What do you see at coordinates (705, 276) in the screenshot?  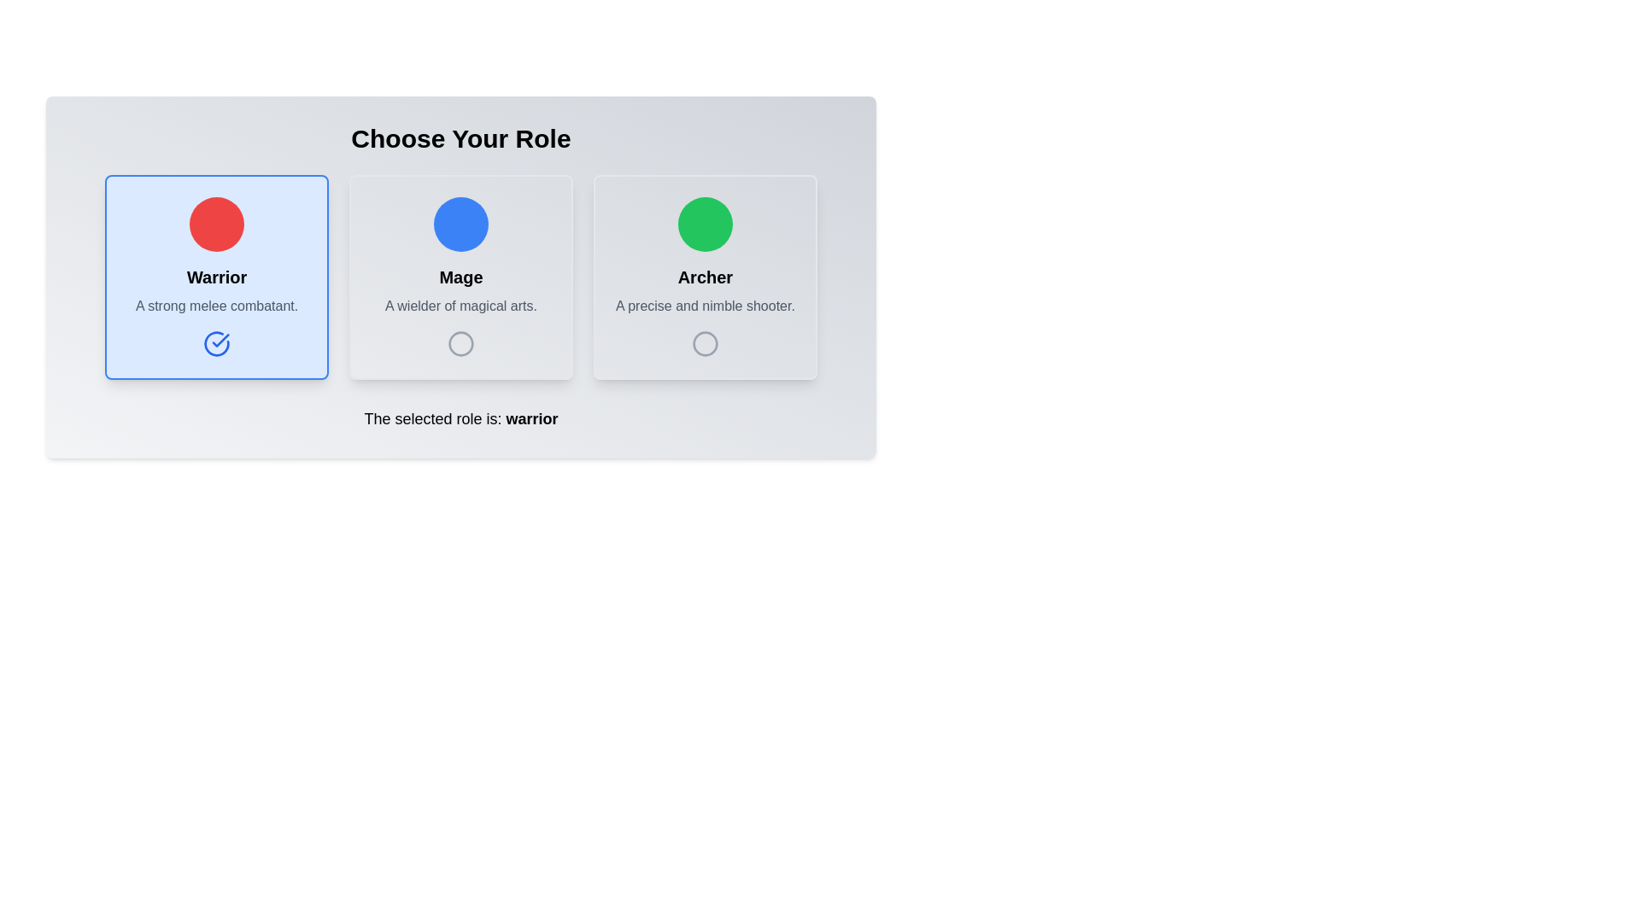 I see `the third card option for the 'Archer' role, which is distinguished by a green circle at the top, to trigger a visual effect` at bounding box center [705, 276].